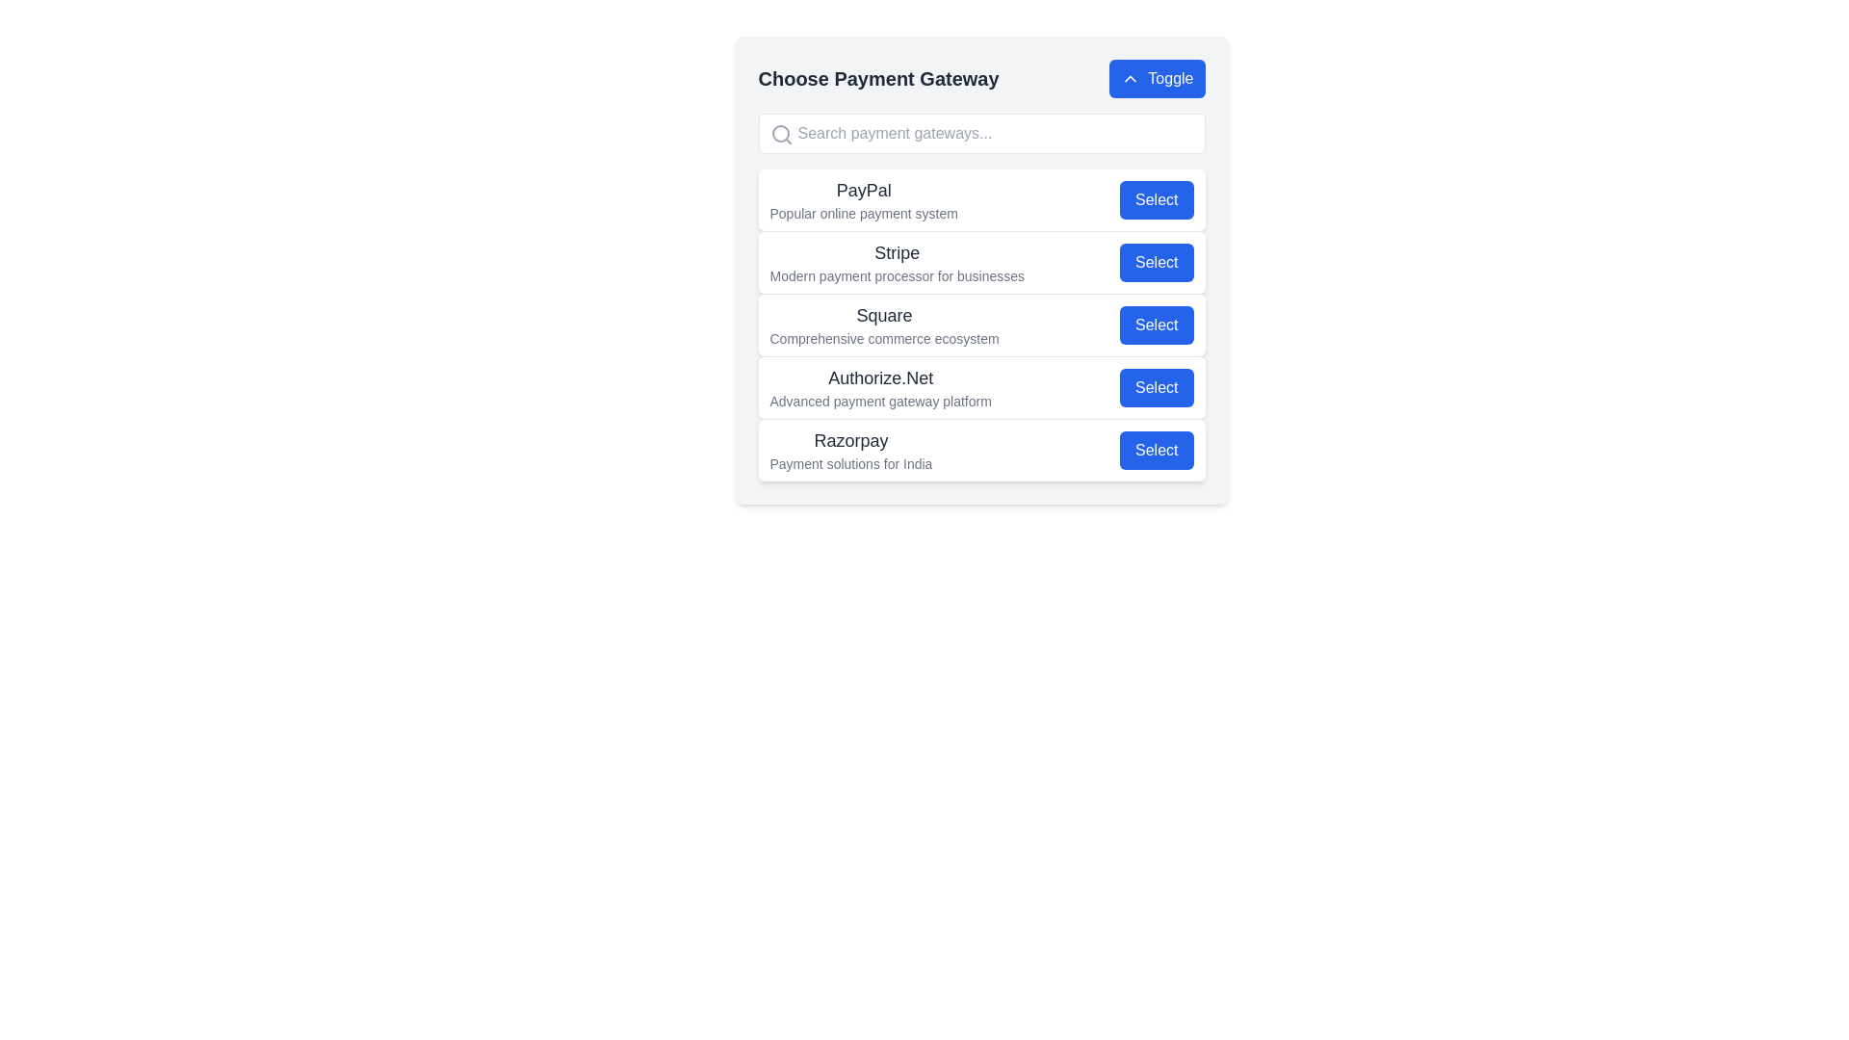 The image size is (1849, 1040). What do you see at coordinates (1156, 387) in the screenshot?
I see `the 'Select' button to choose the 'Authorize.Net' payment gateway option, located to the right of the 'Authorize.Net' text and the fourth button from the top in the payment gateway list` at bounding box center [1156, 387].